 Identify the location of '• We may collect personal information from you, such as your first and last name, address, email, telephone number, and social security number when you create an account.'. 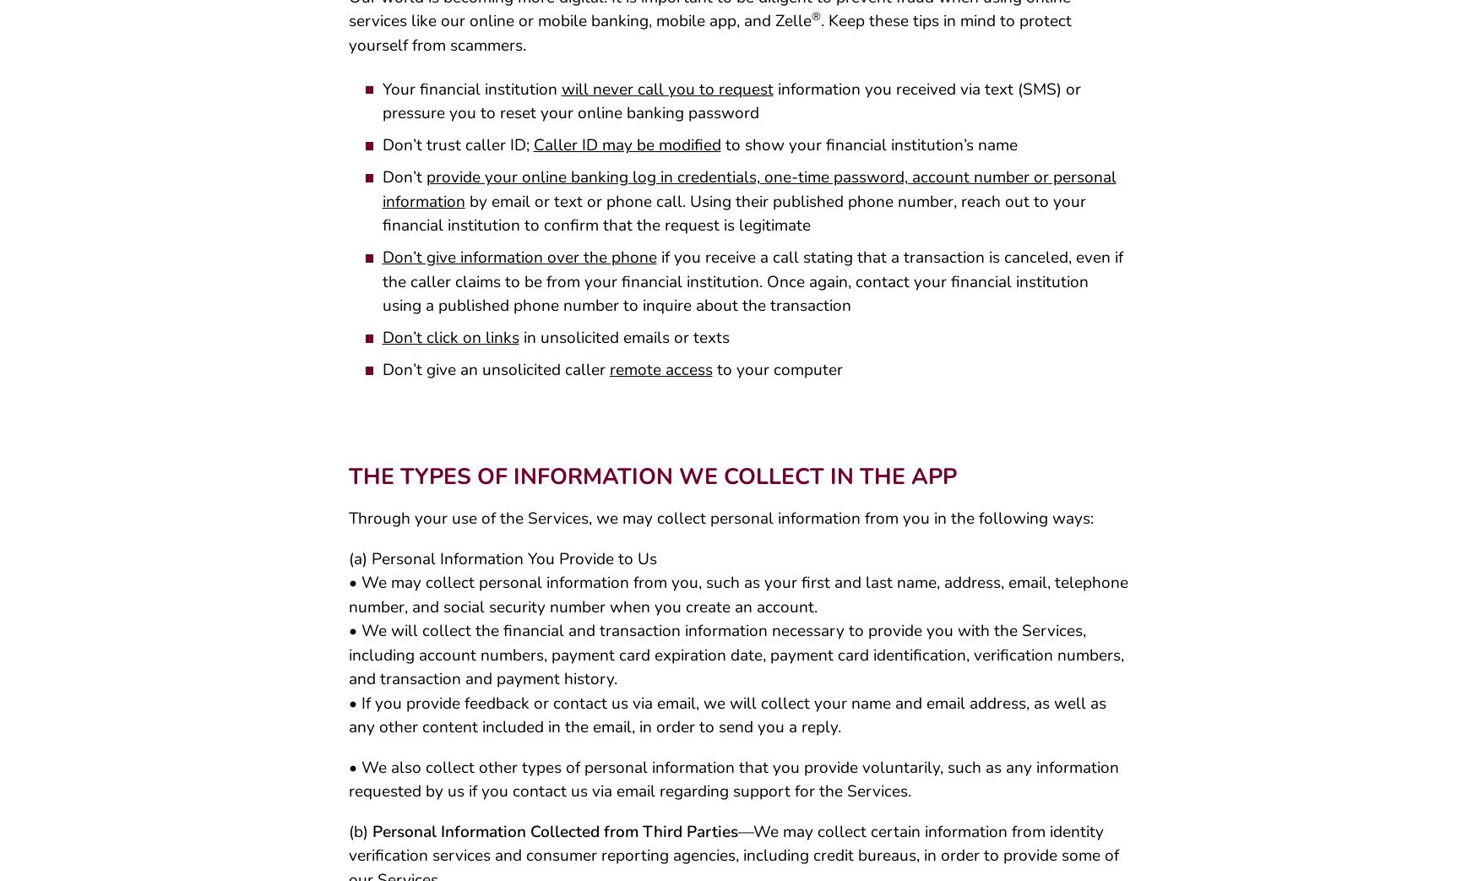
(737, 601).